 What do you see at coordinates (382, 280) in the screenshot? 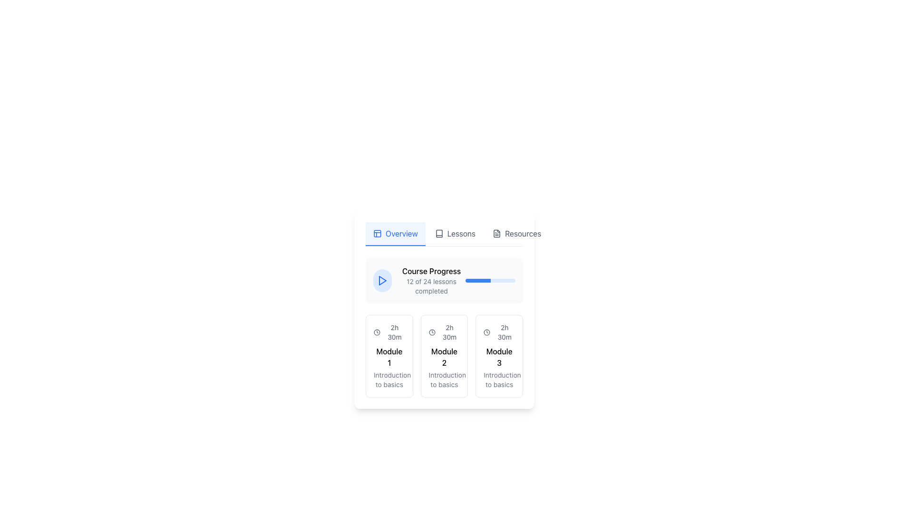
I see `the play control button located in the top left corner of the 'Course Progress' section` at bounding box center [382, 280].